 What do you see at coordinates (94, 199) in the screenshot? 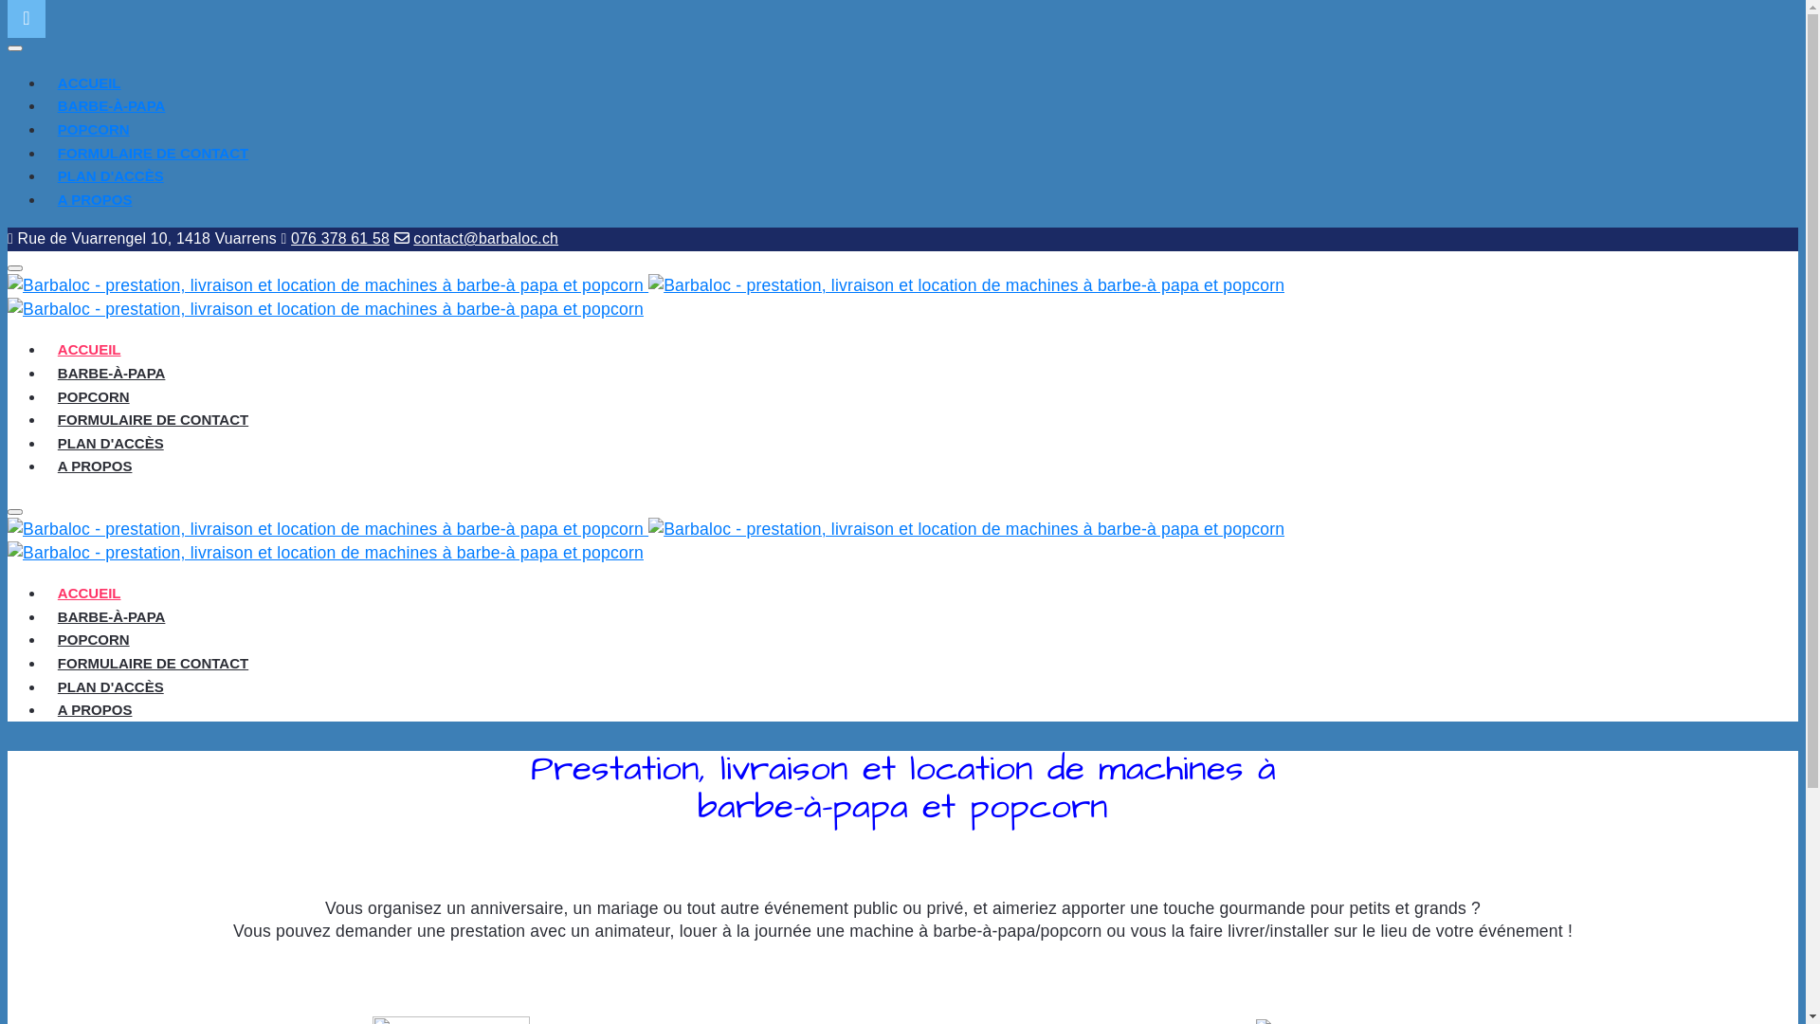
I see `'A PROPOS'` at bounding box center [94, 199].